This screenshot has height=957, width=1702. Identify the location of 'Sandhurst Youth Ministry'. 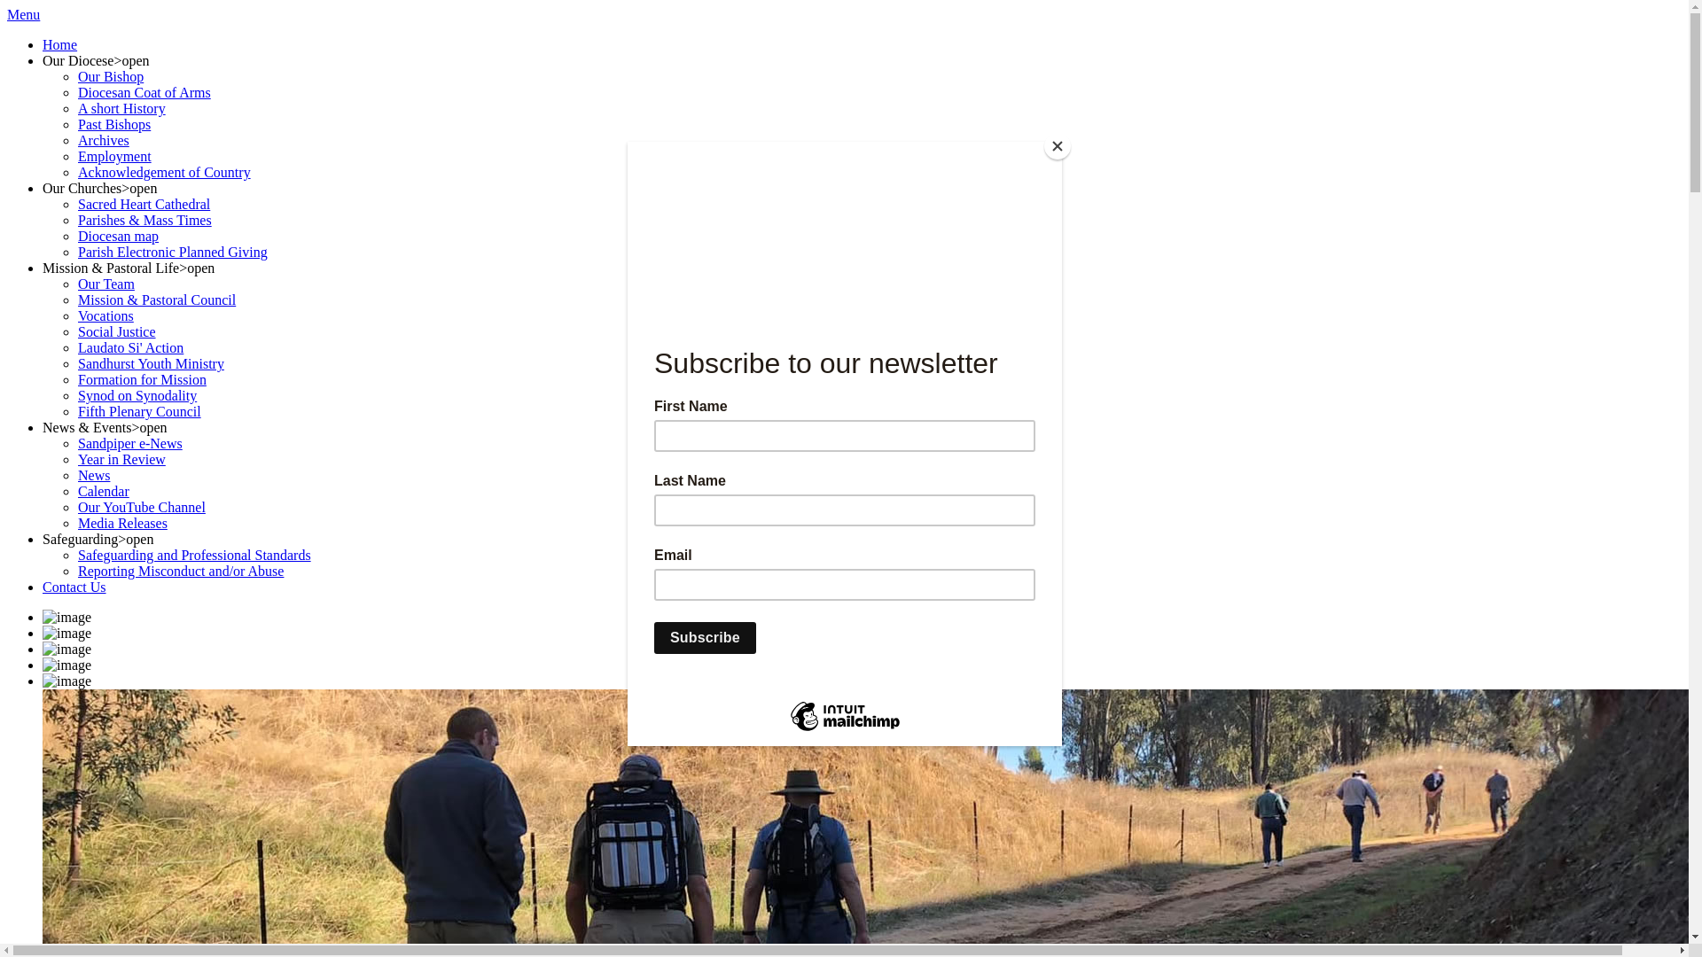
(151, 362).